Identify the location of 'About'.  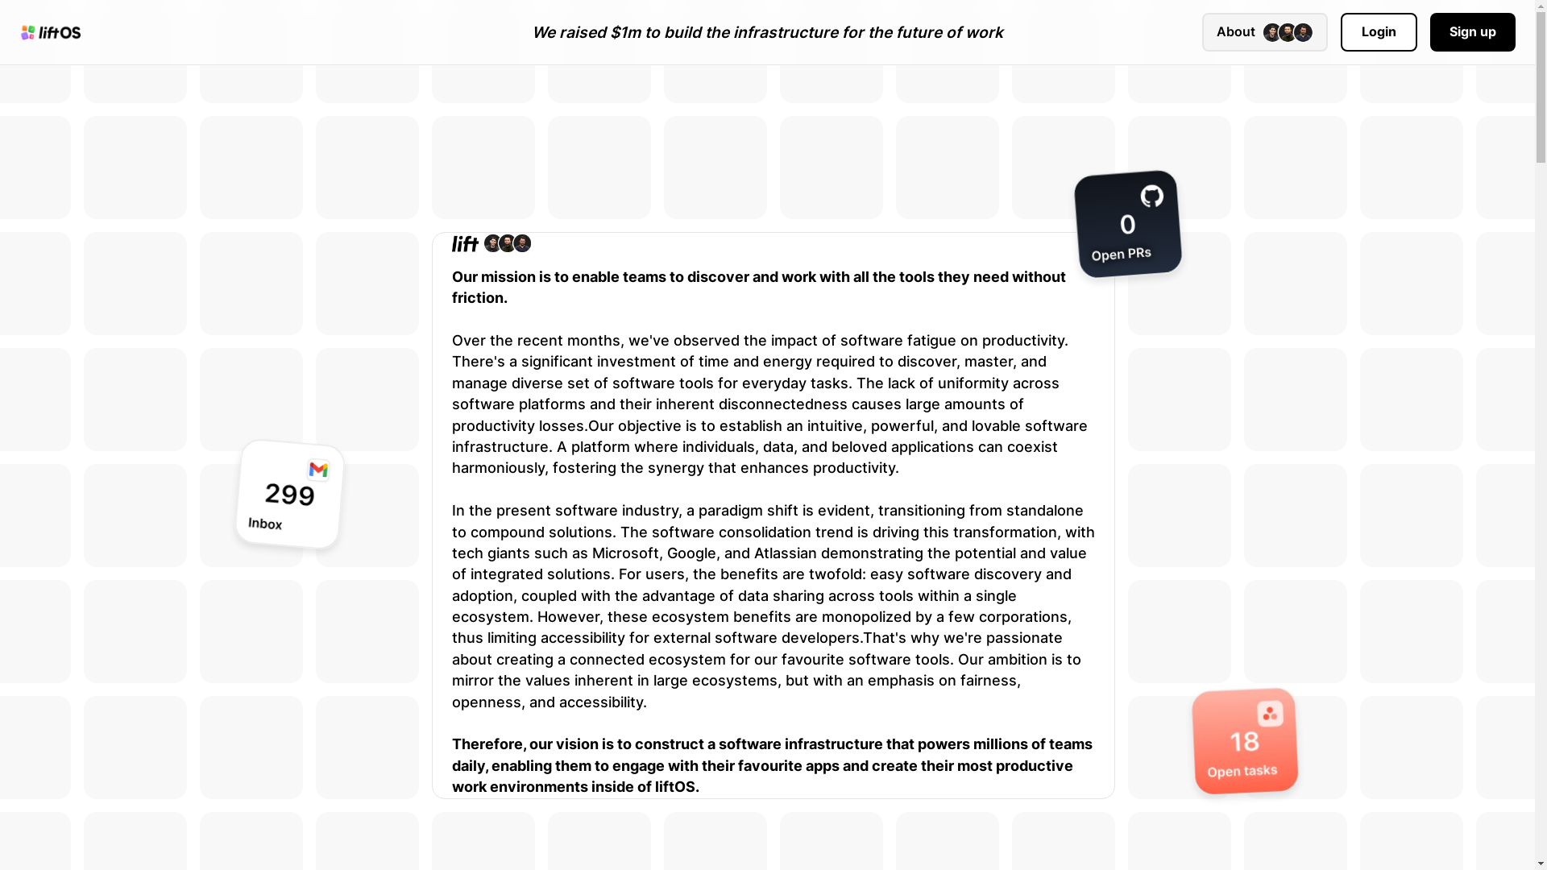
(1263, 31).